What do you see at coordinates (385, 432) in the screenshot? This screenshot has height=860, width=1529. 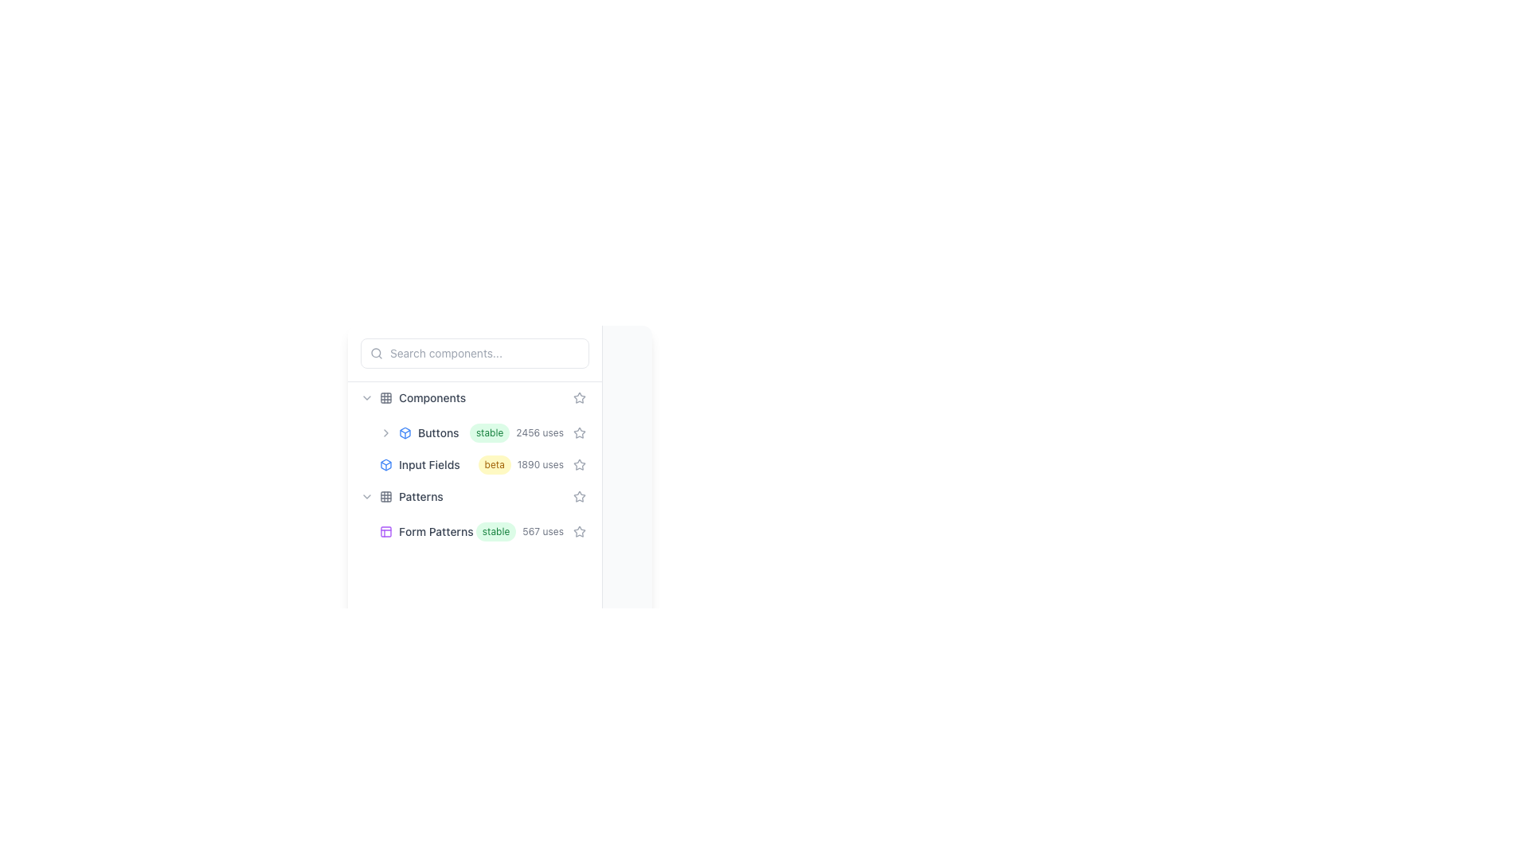 I see `the right-pointing arrow icon located to the left of the 'Buttons' text` at bounding box center [385, 432].